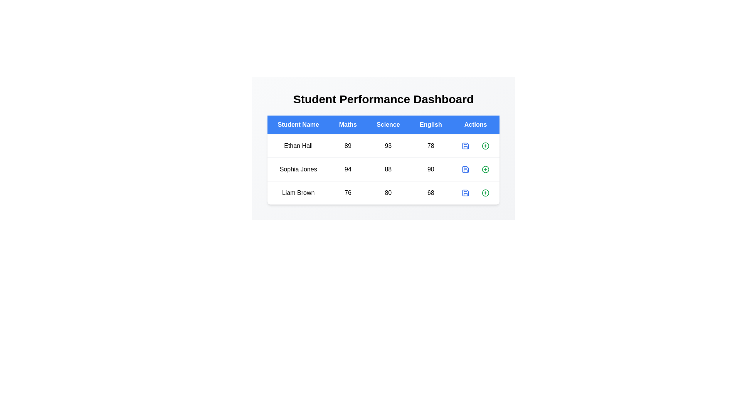  I want to click on the table header to sort the column in descending order, so click(298, 124).